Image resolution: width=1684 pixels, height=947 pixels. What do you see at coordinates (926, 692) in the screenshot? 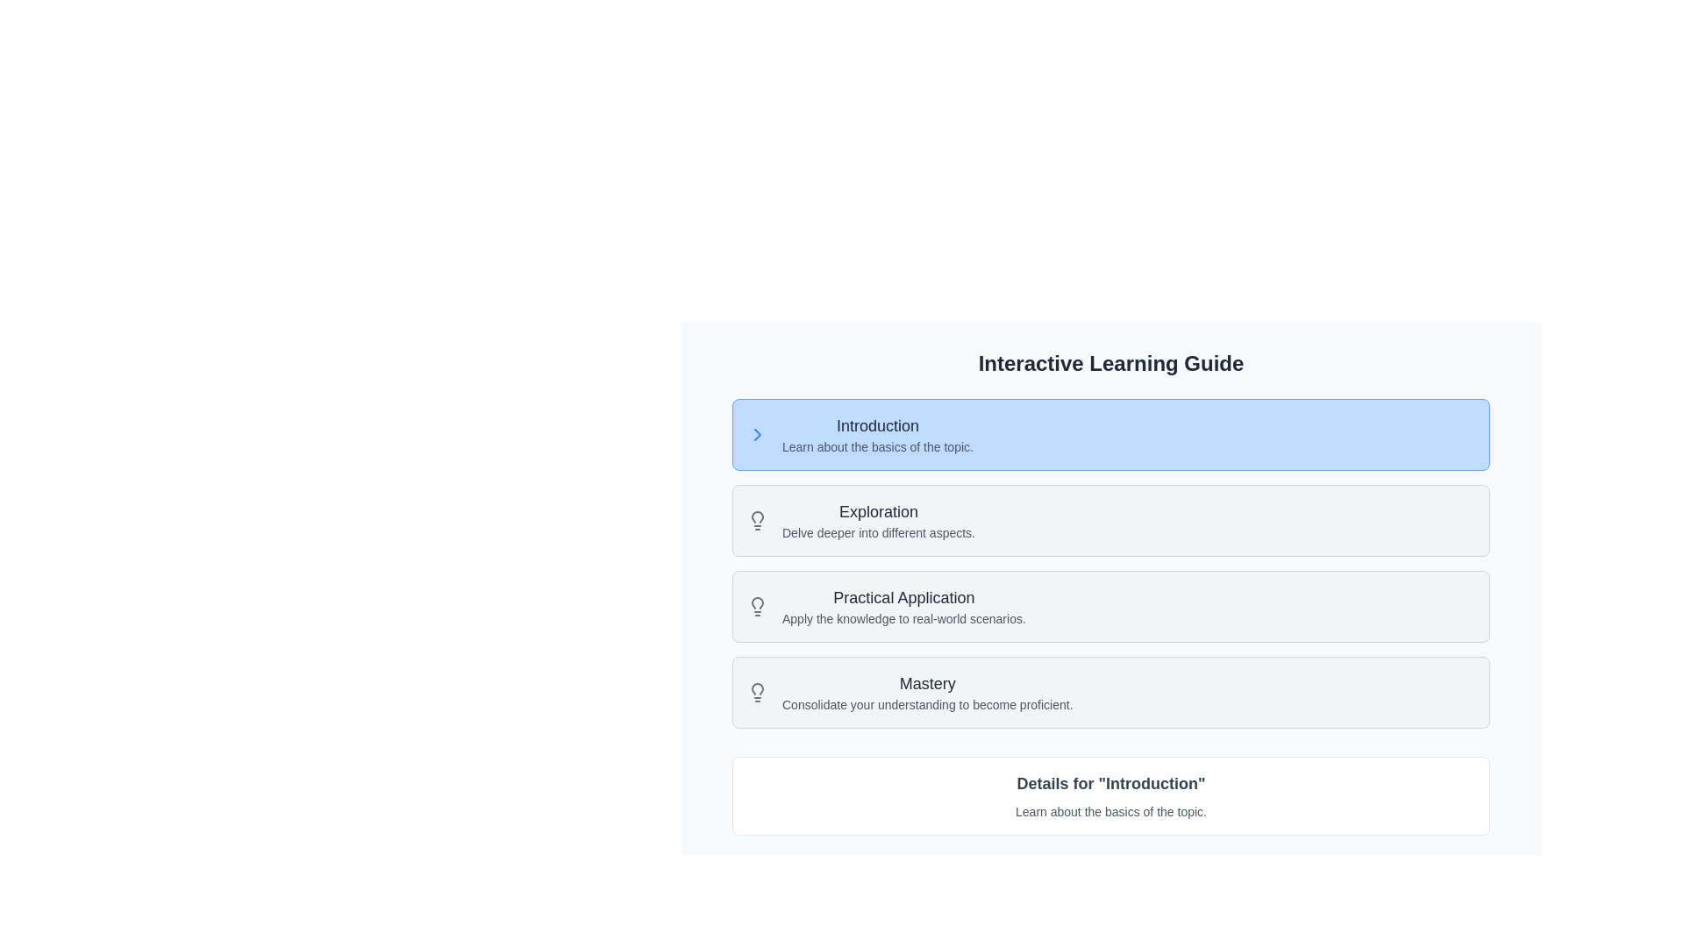
I see `the header and description text block for the learning stage titled 'Mastery'` at bounding box center [926, 692].